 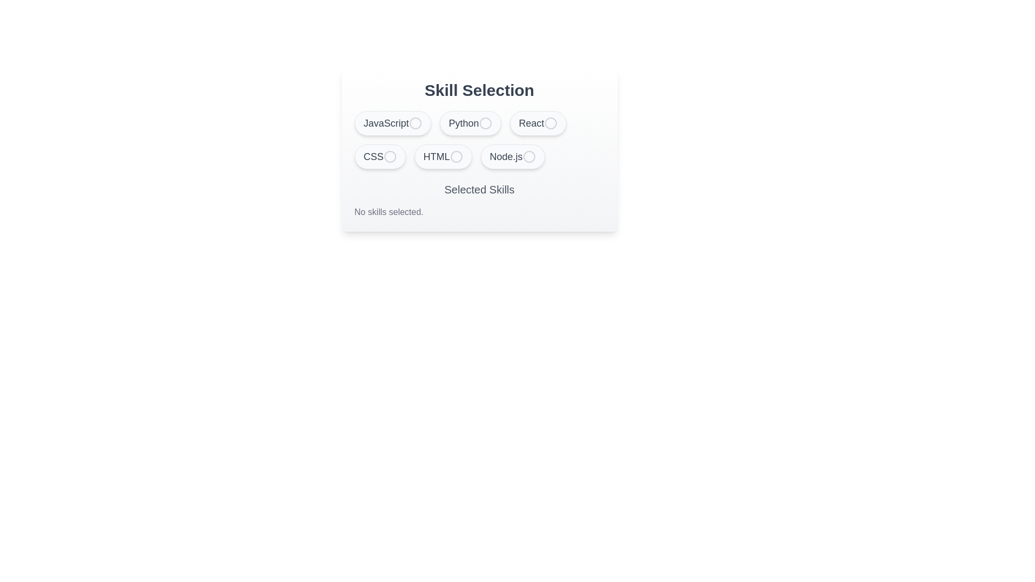 I want to click on the circular gray outline icon located adjacent to the 'Python' text, which represents a selectable option like a radio button, so click(x=485, y=122).